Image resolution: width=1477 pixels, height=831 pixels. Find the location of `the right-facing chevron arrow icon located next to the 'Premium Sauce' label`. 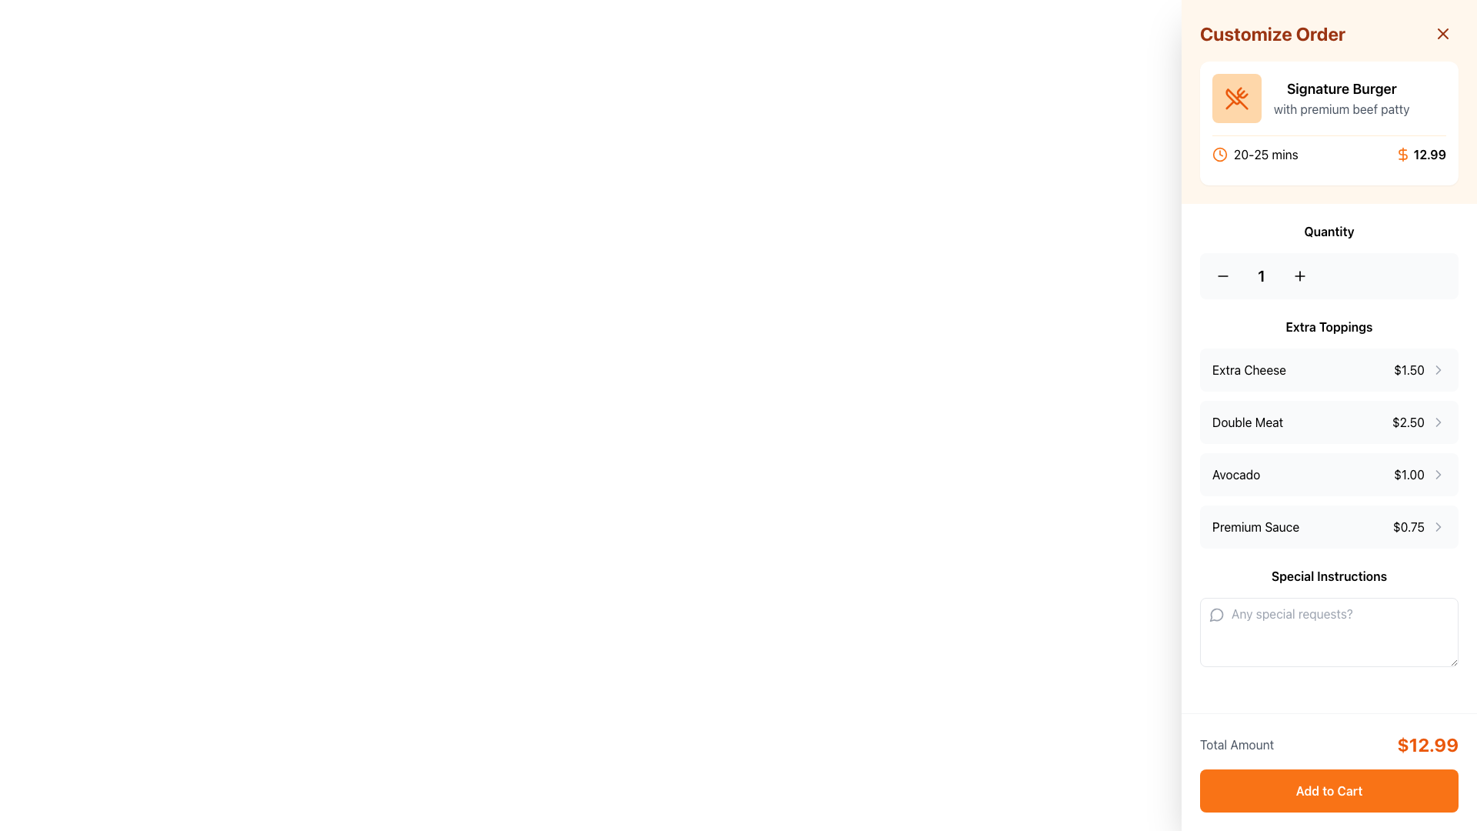

the right-facing chevron arrow icon located next to the 'Premium Sauce' label is located at coordinates (1438, 526).